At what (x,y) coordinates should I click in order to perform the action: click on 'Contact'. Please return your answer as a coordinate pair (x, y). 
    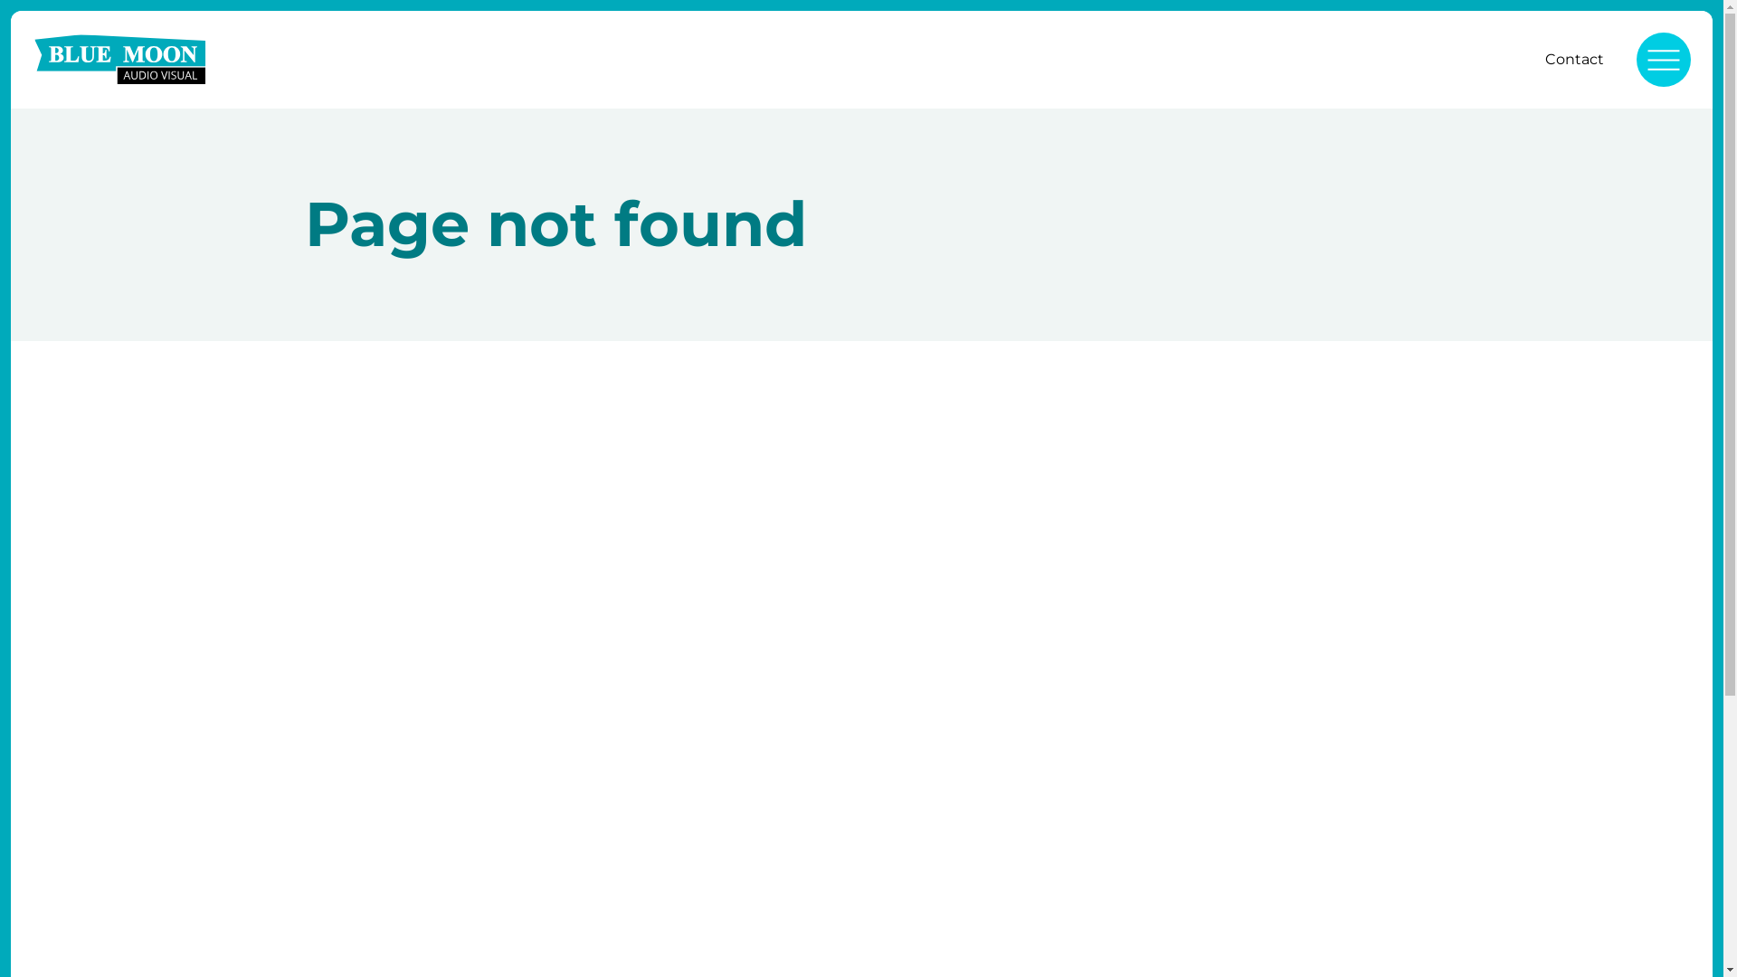
    Looking at the image, I should click on (1573, 58).